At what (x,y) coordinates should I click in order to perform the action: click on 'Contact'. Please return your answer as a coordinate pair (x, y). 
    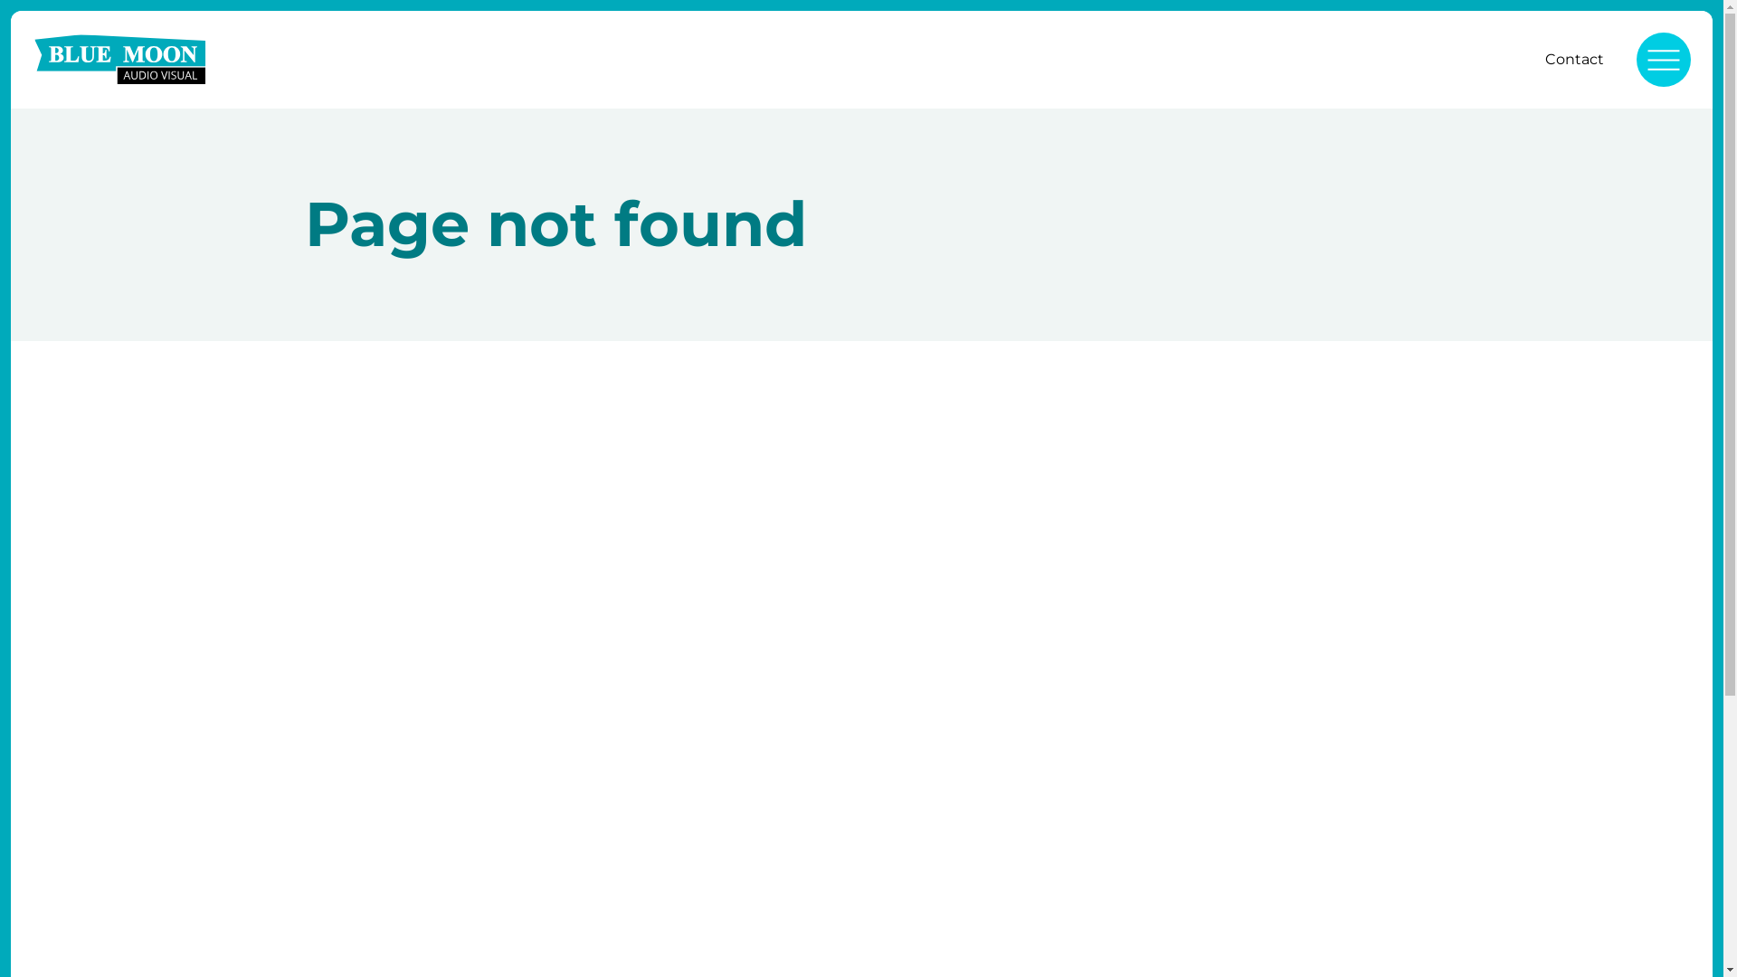
    Looking at the image, I should click on (1573, 58).